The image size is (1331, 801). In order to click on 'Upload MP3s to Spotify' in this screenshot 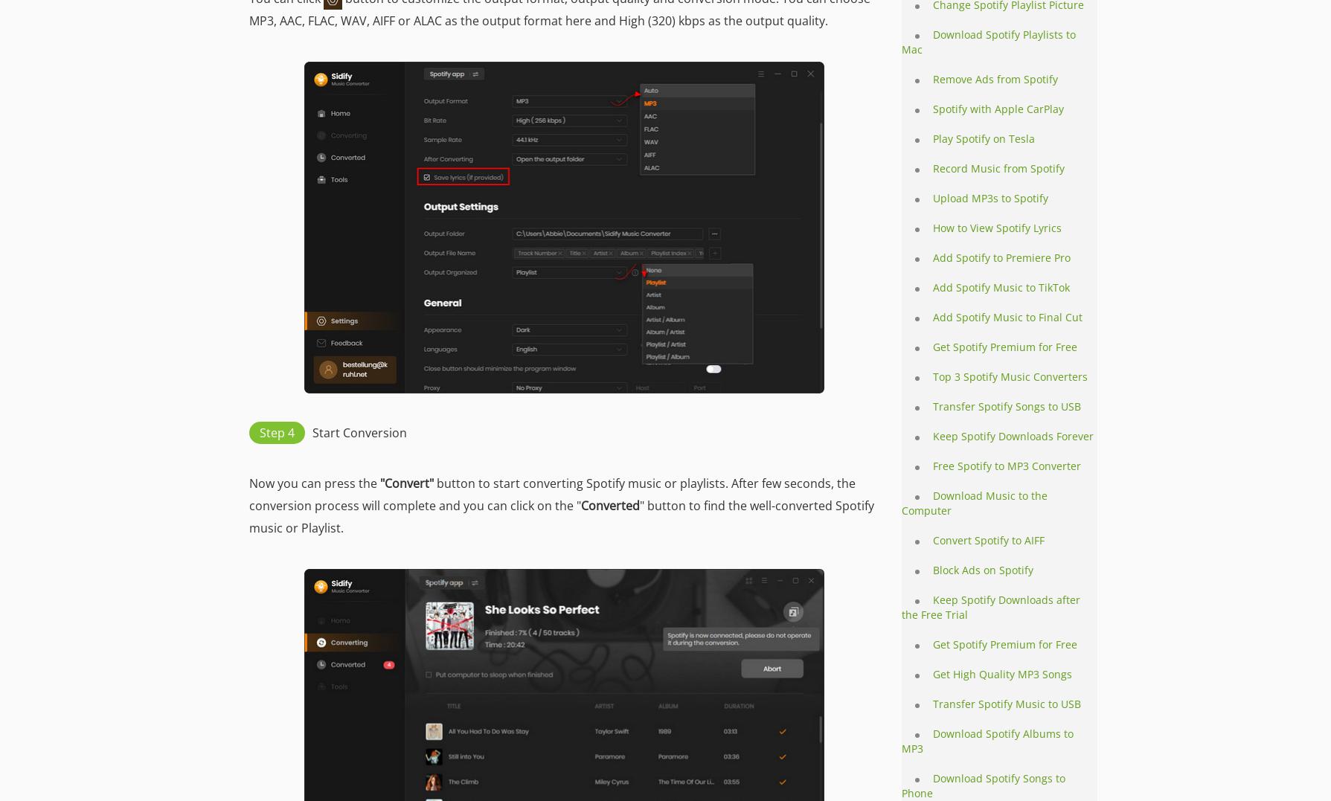, I will do `click(990, 197)`.